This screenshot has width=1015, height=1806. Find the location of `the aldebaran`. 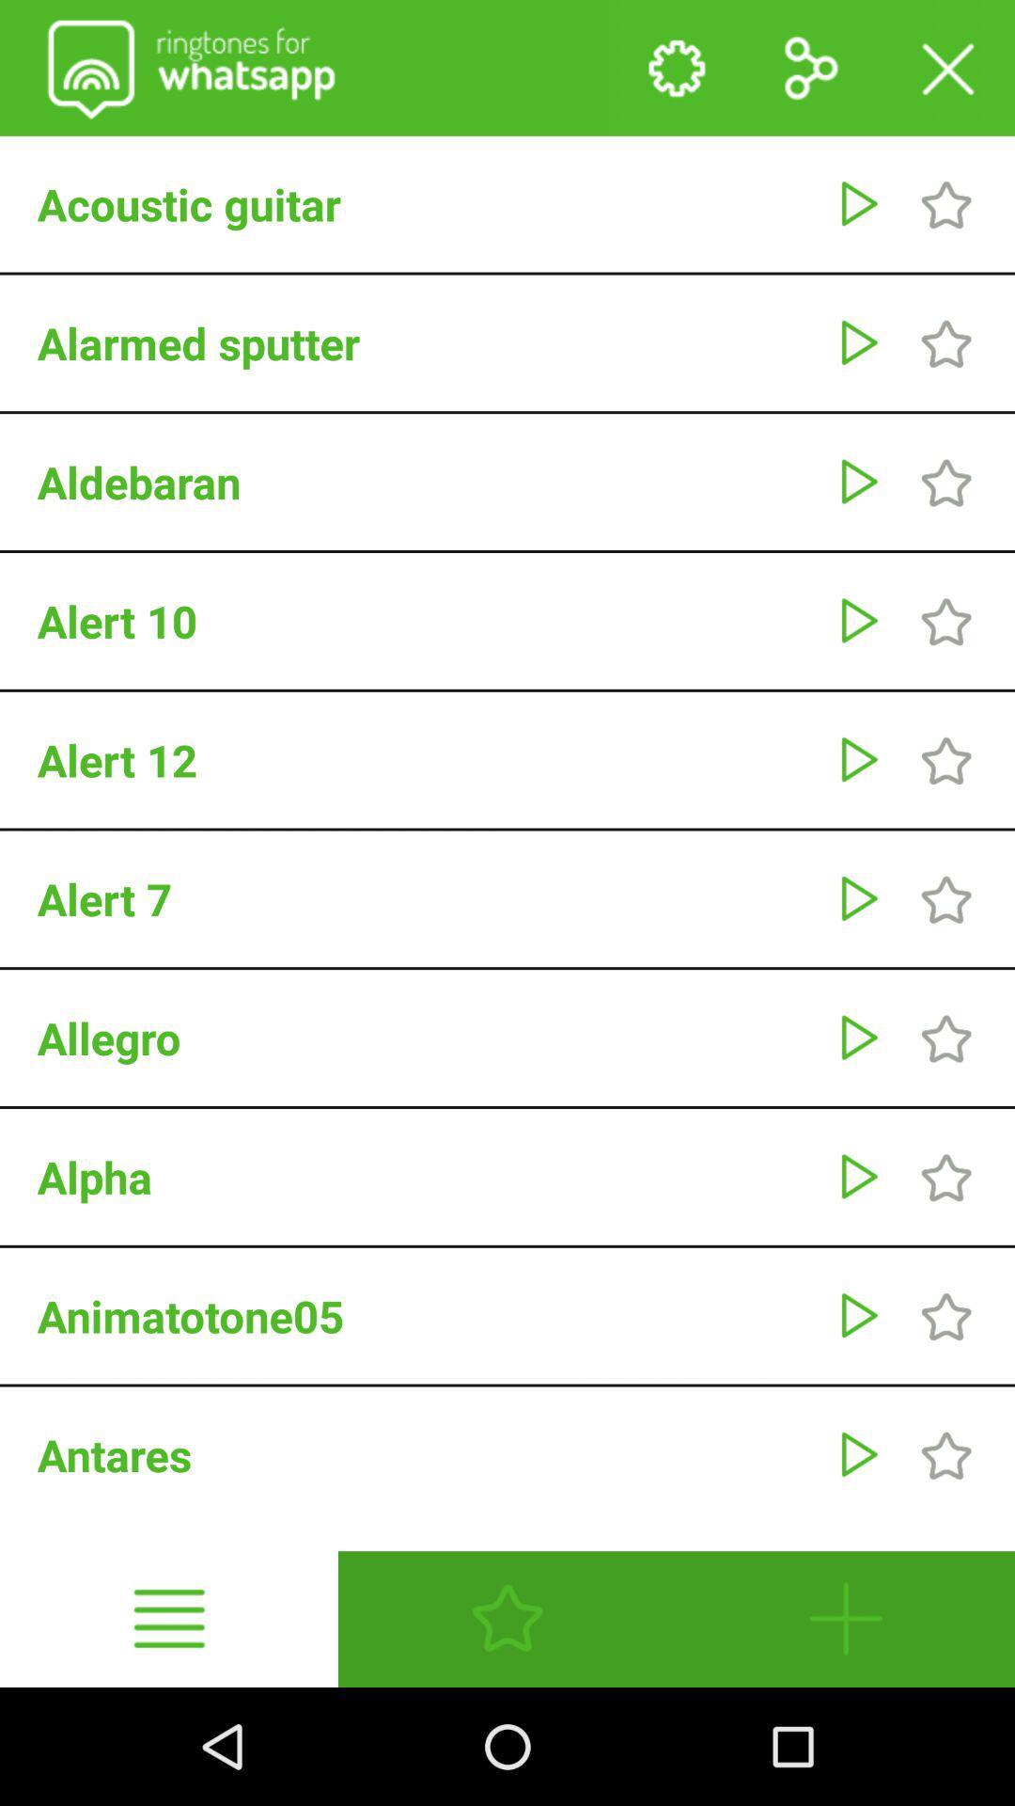

the aldebaran is located at coordinates (427, 482).